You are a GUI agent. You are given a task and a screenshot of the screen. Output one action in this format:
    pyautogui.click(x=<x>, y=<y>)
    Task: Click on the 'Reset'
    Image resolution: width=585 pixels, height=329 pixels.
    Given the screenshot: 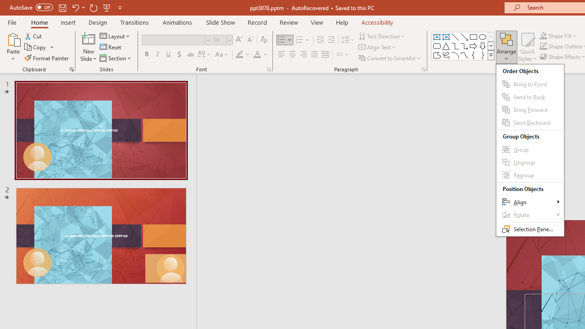 What is the action you would take?
    pyautogui.click(x=111, y=47)
    